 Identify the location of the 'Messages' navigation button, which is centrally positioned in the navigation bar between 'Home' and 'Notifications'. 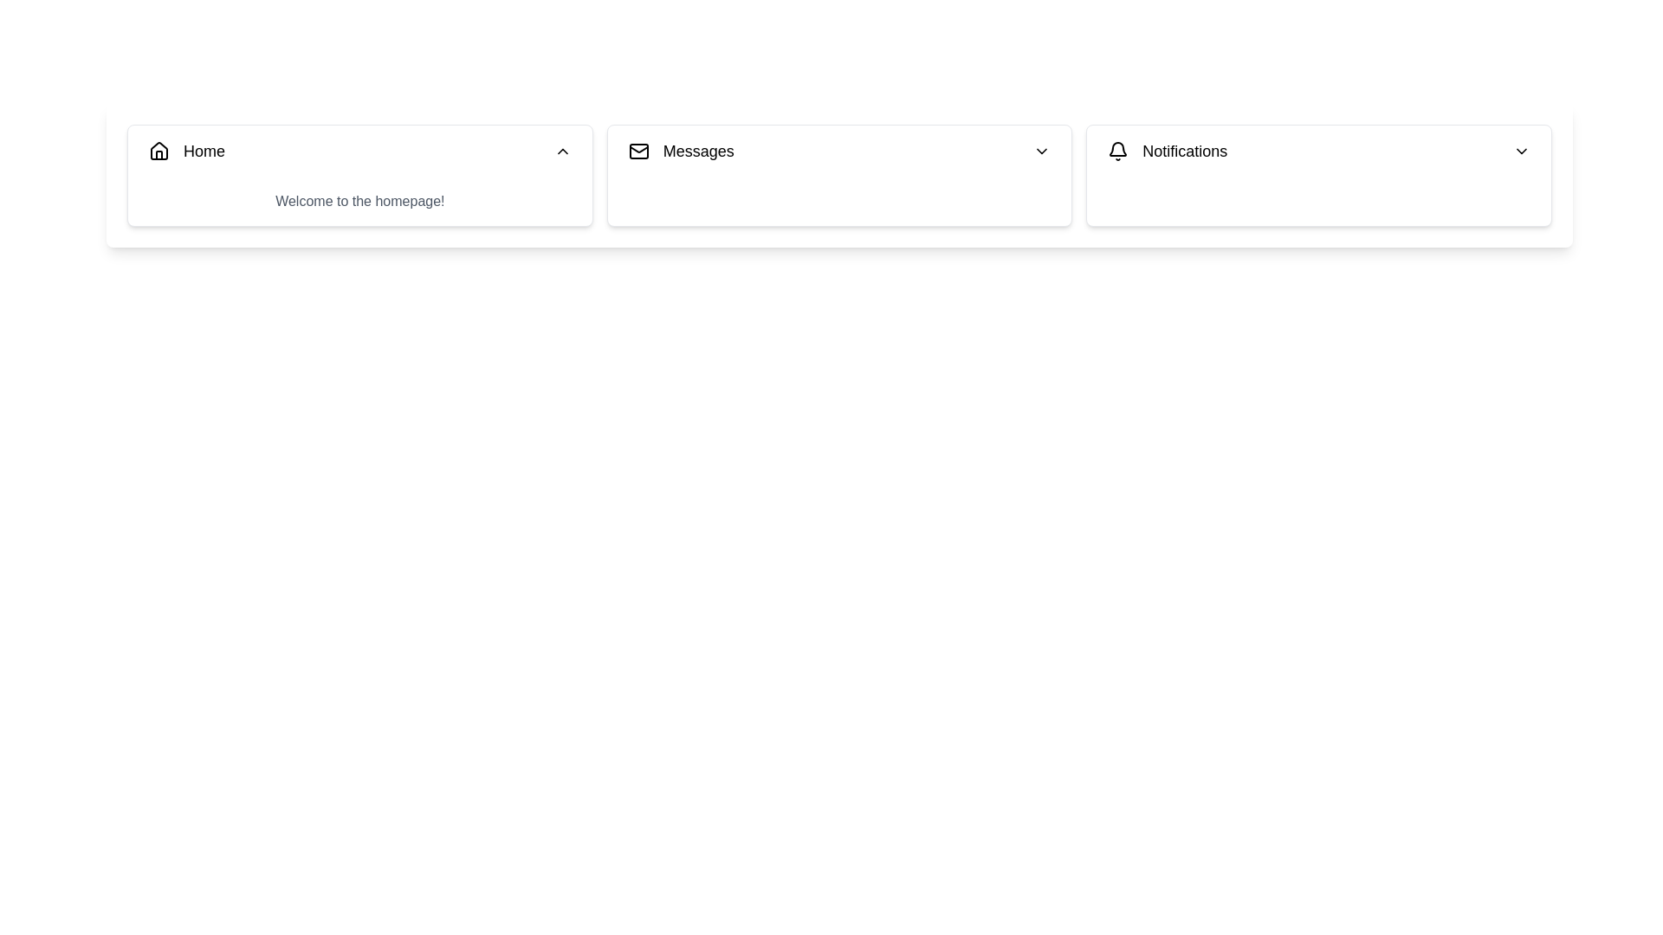
(680, 150).